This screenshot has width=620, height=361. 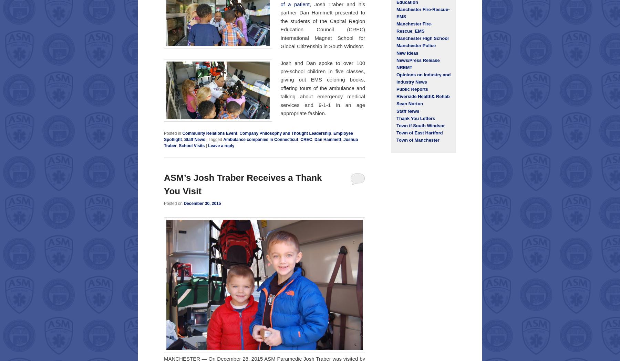 What do you see at coordinates (396, 53) in the screenshot?
I see `'New Ideas'` at bounding box center [396, 53].